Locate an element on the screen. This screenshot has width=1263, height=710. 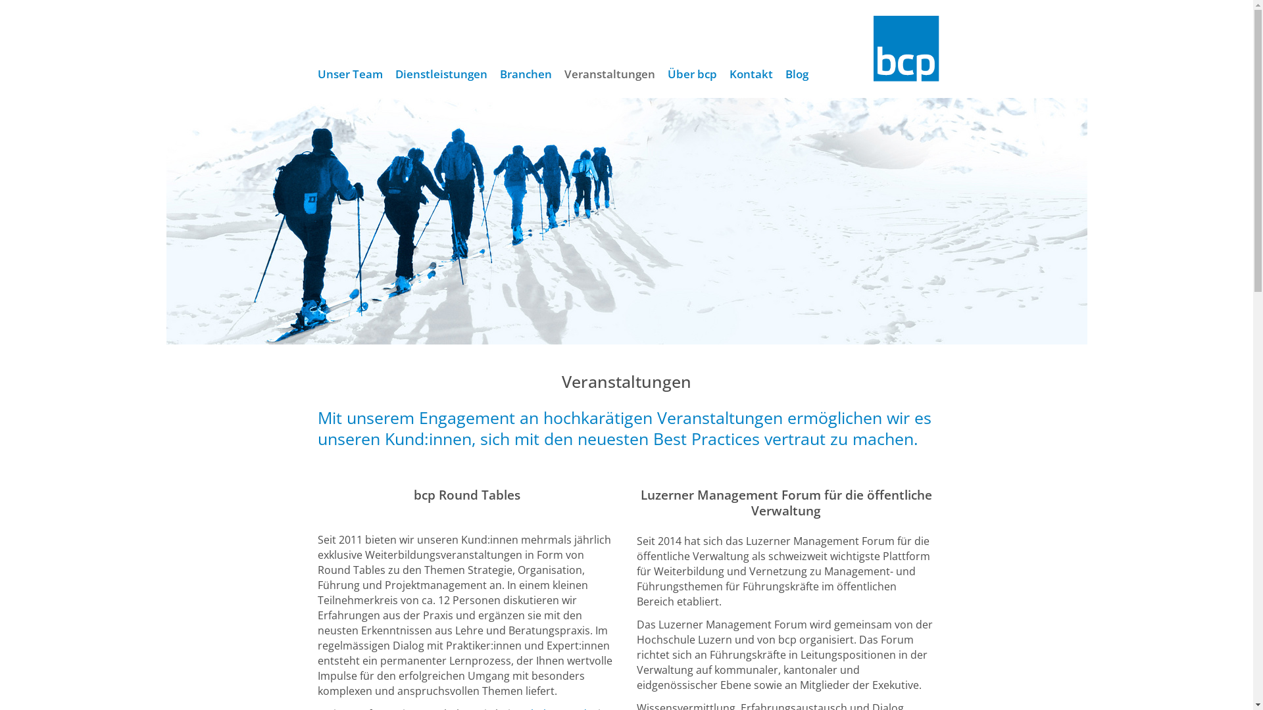
'Branchen' is located at coordinates (492, 74).